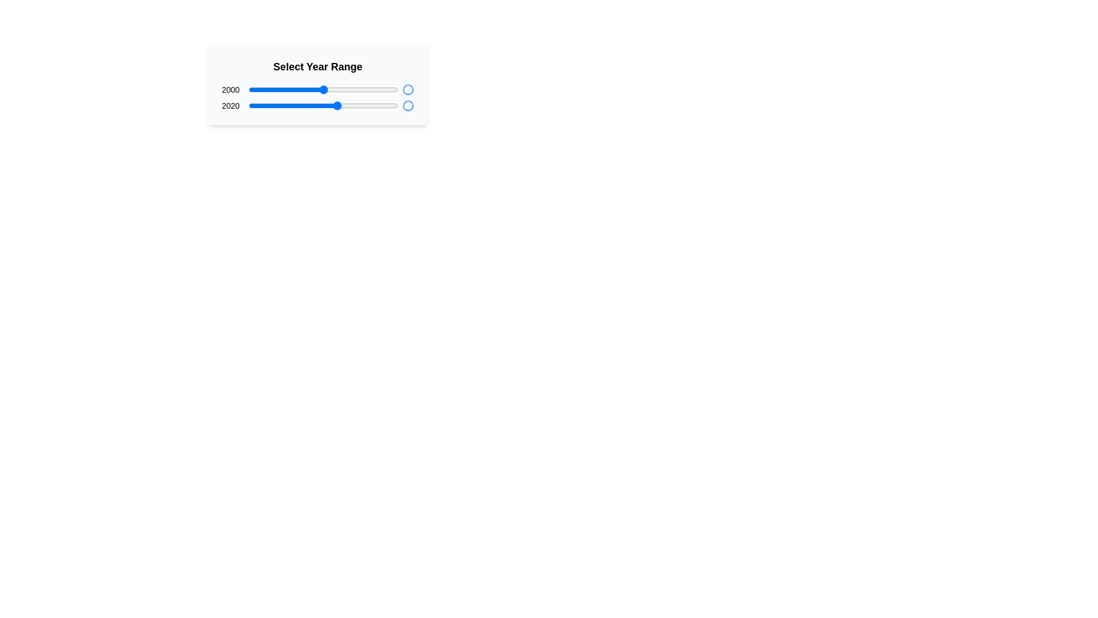 Image resolution: width=1098 pixels, height=618 pixels. I want to click on the slider, so click(382, 89).